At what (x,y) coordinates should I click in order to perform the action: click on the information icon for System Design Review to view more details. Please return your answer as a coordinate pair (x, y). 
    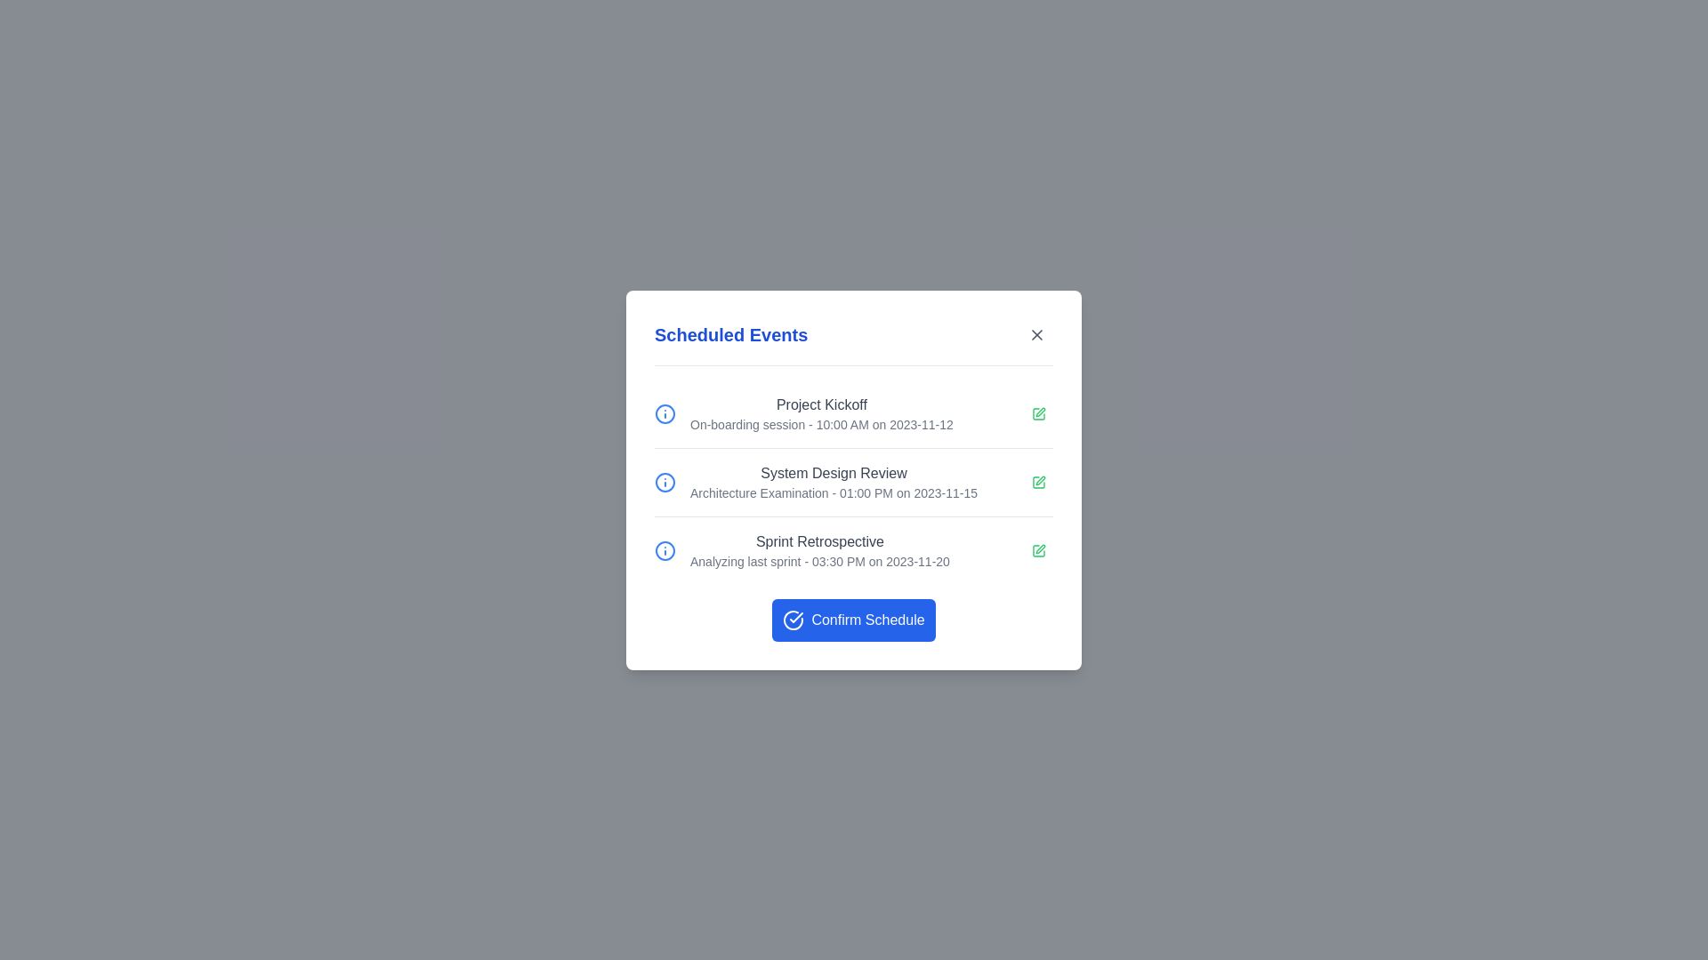
    Looking at the image, I should click on (665, 482).